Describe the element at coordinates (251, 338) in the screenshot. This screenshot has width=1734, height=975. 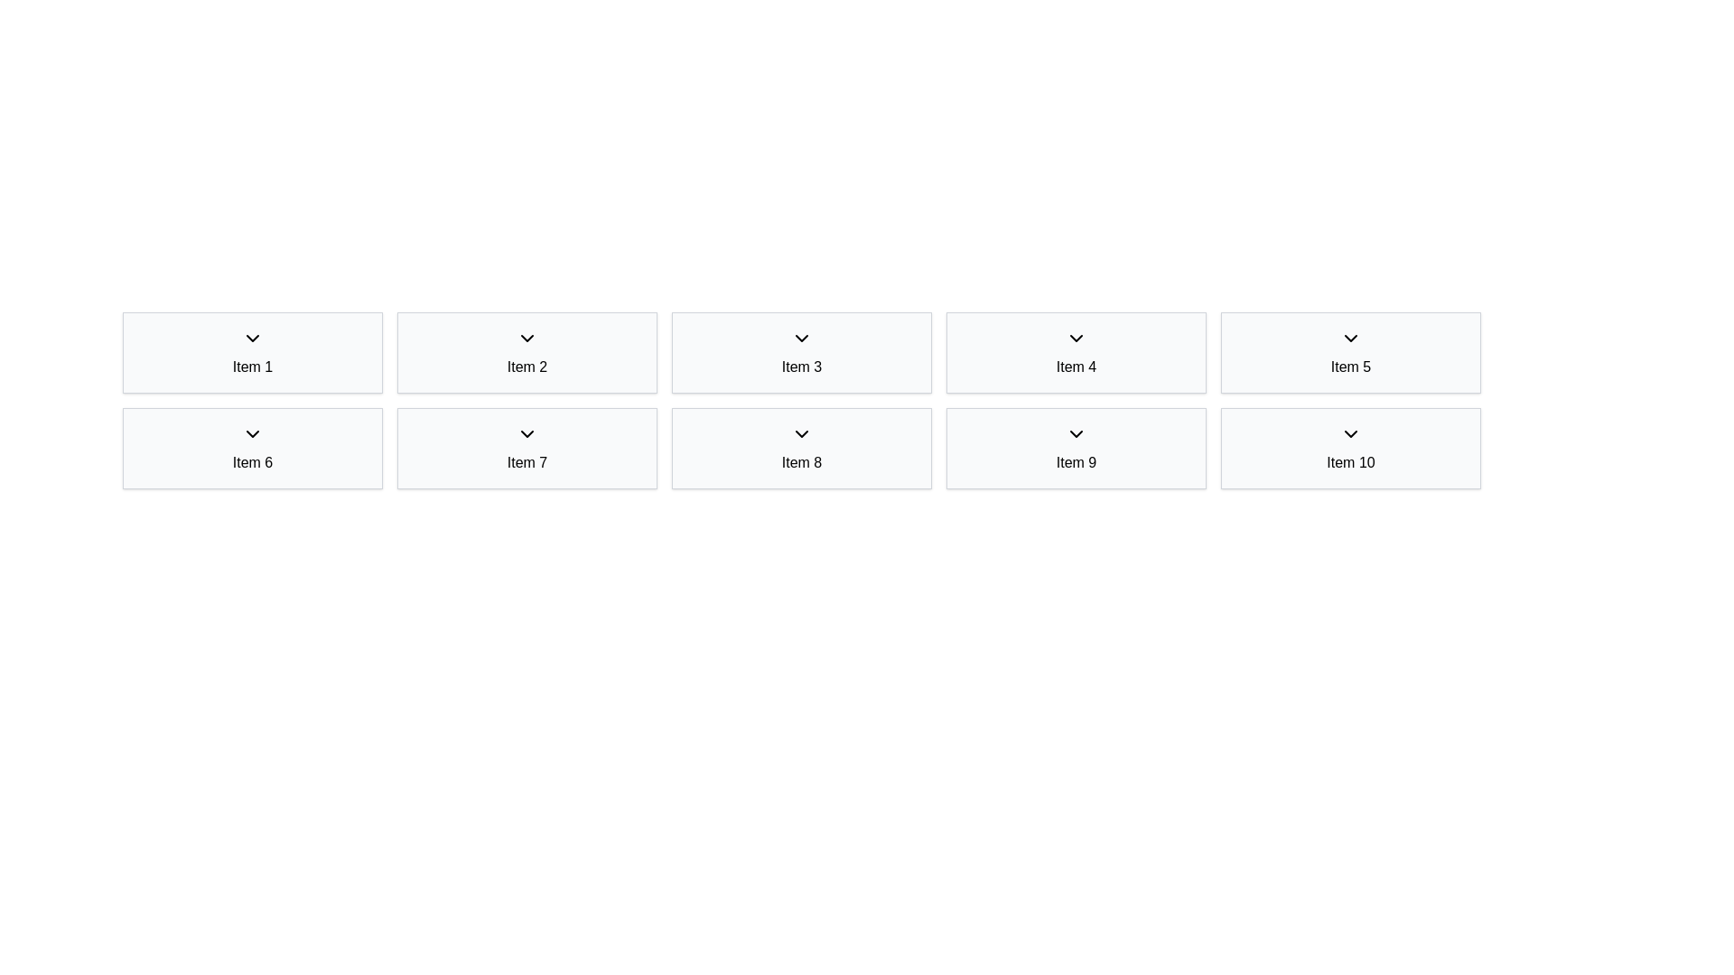
I see `the dropdown indicator icon located at the top-left corner of the grid layout, which serves` at that location.